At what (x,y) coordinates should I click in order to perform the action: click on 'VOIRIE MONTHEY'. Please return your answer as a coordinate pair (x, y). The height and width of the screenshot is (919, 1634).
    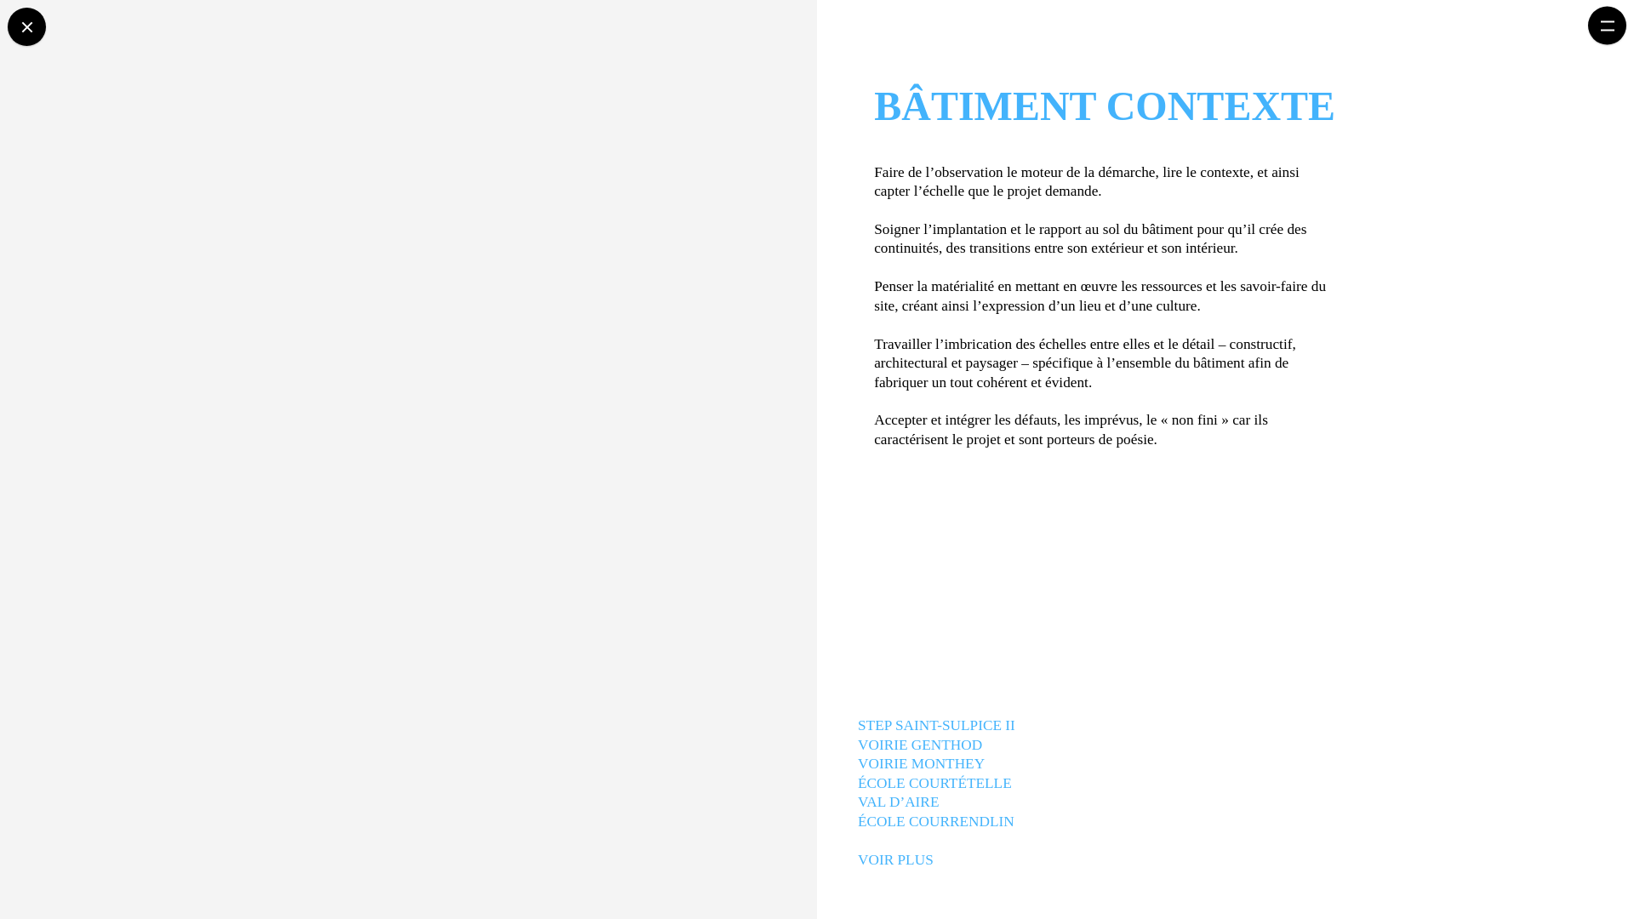
    Looking at the image, I should click on (921, 763).